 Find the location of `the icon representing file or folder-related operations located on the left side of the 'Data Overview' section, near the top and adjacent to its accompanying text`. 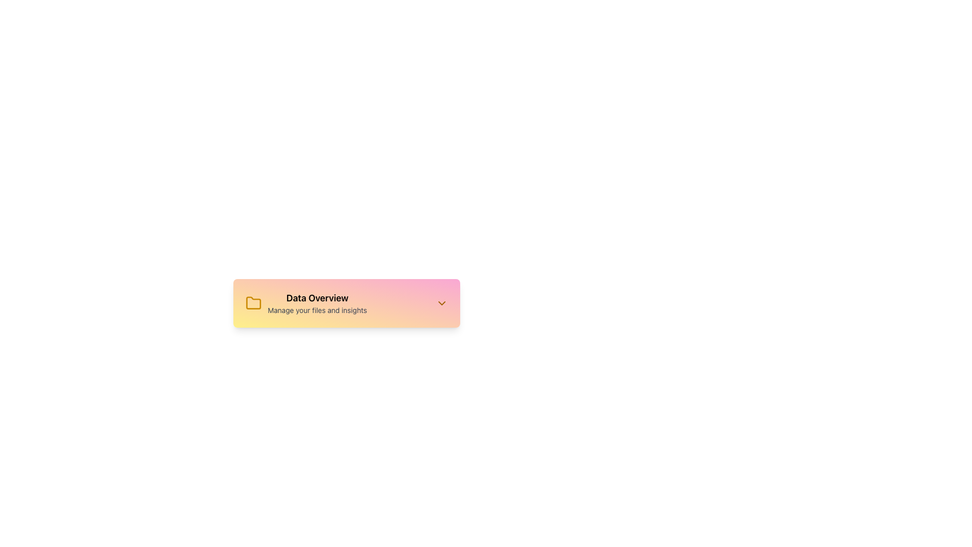

the icon representing file or folder-related operations located on the left side of the 'Data Overview' section, near the top and adjacent to its accompanying text is located at coordinates (253, 302).